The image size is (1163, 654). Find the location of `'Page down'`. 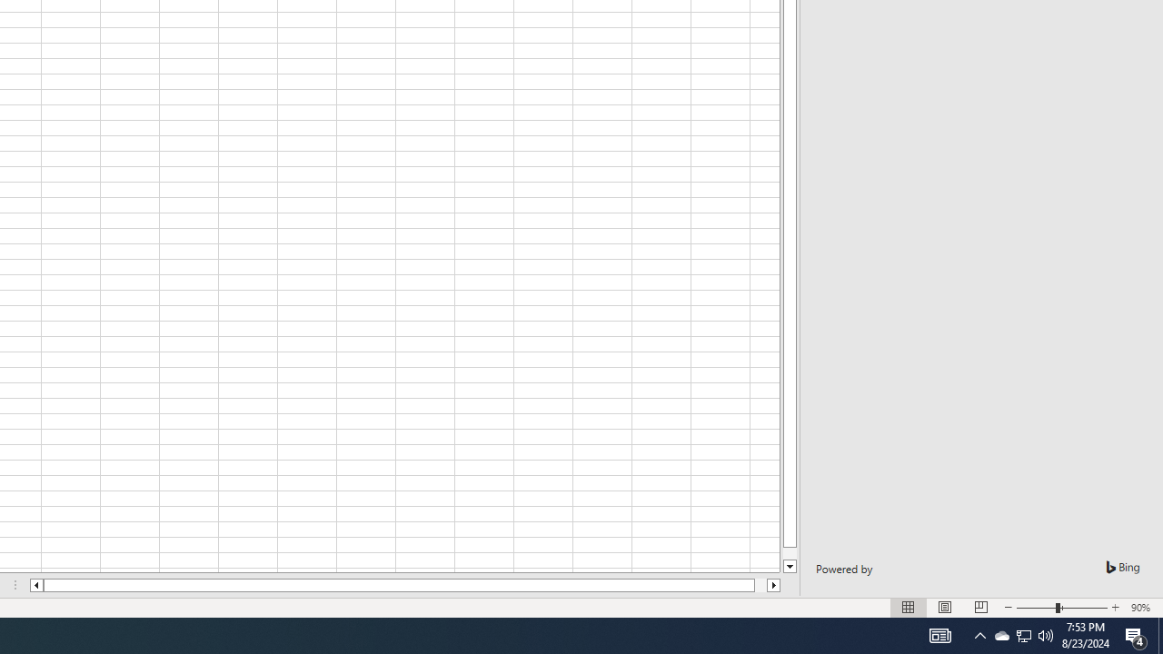

'Page down' is located at coordinates (790, 552).